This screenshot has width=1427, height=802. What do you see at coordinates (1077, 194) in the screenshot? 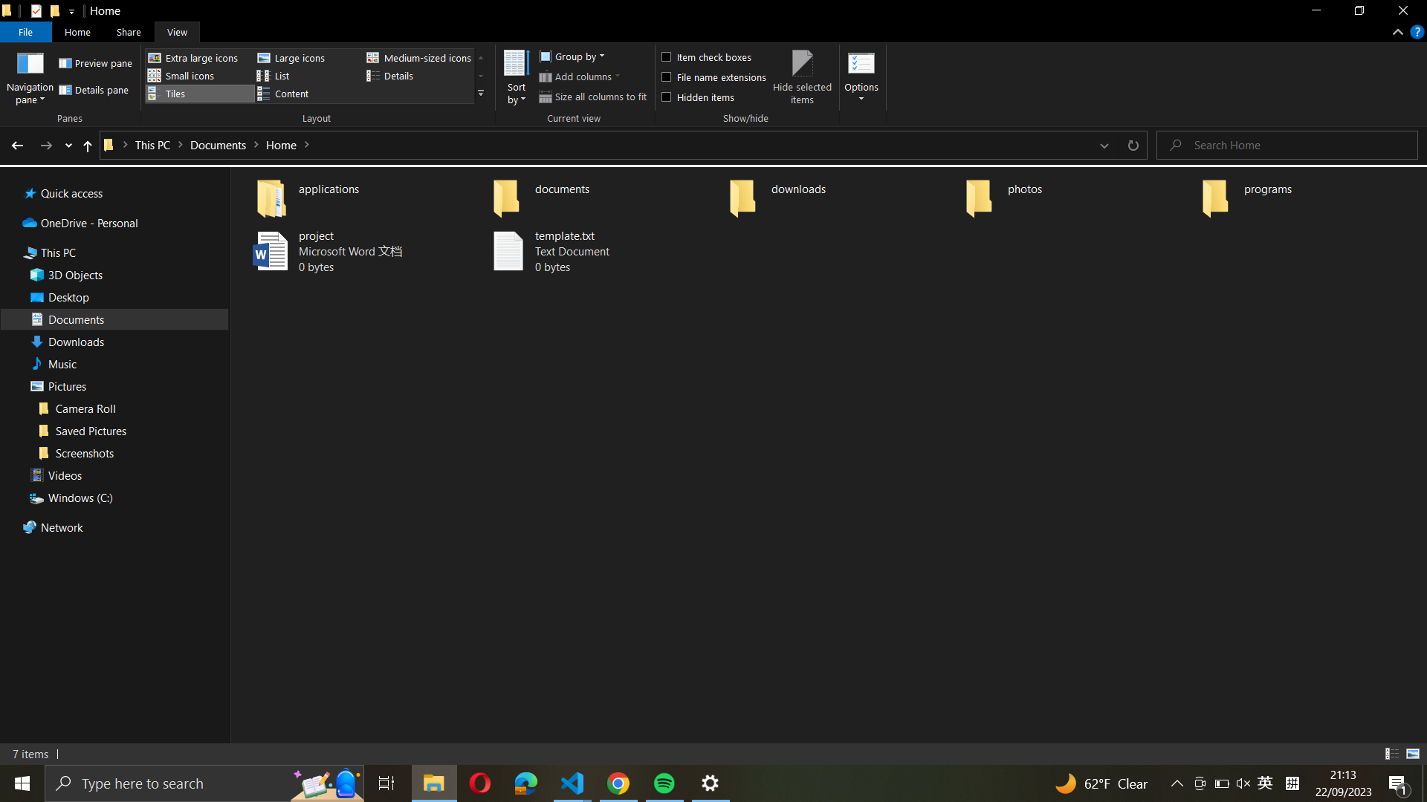
I see `the "photos" folder and choose the initial 5 pictures` at bounding box center [1077, 194].